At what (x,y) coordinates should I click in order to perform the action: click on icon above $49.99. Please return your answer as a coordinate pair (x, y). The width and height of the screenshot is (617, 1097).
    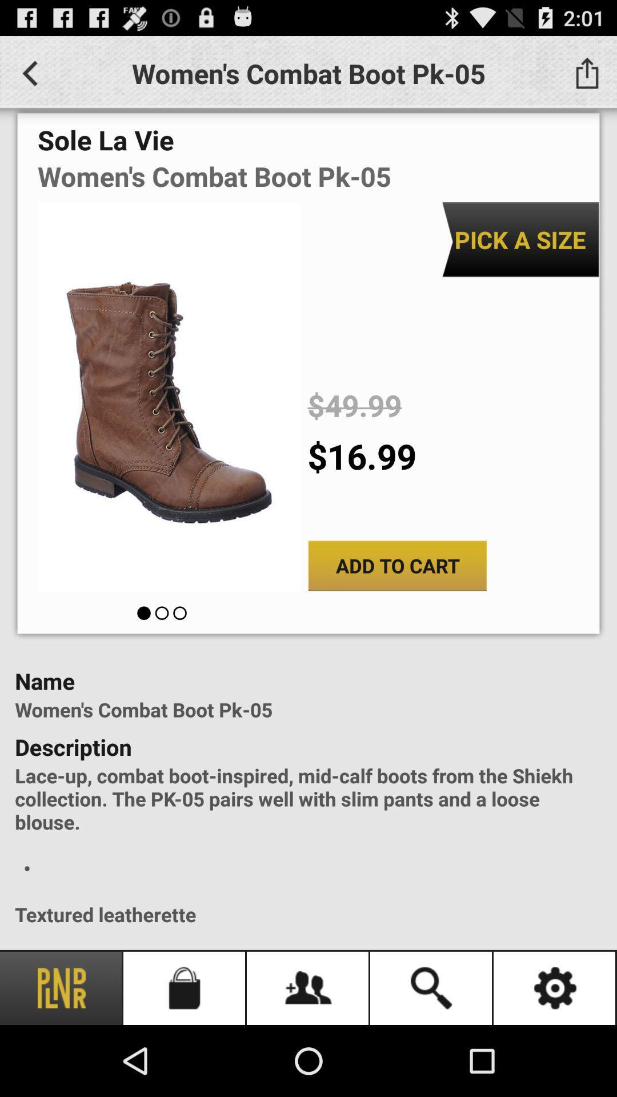
    Looking at the image, I should click on (520, 239).